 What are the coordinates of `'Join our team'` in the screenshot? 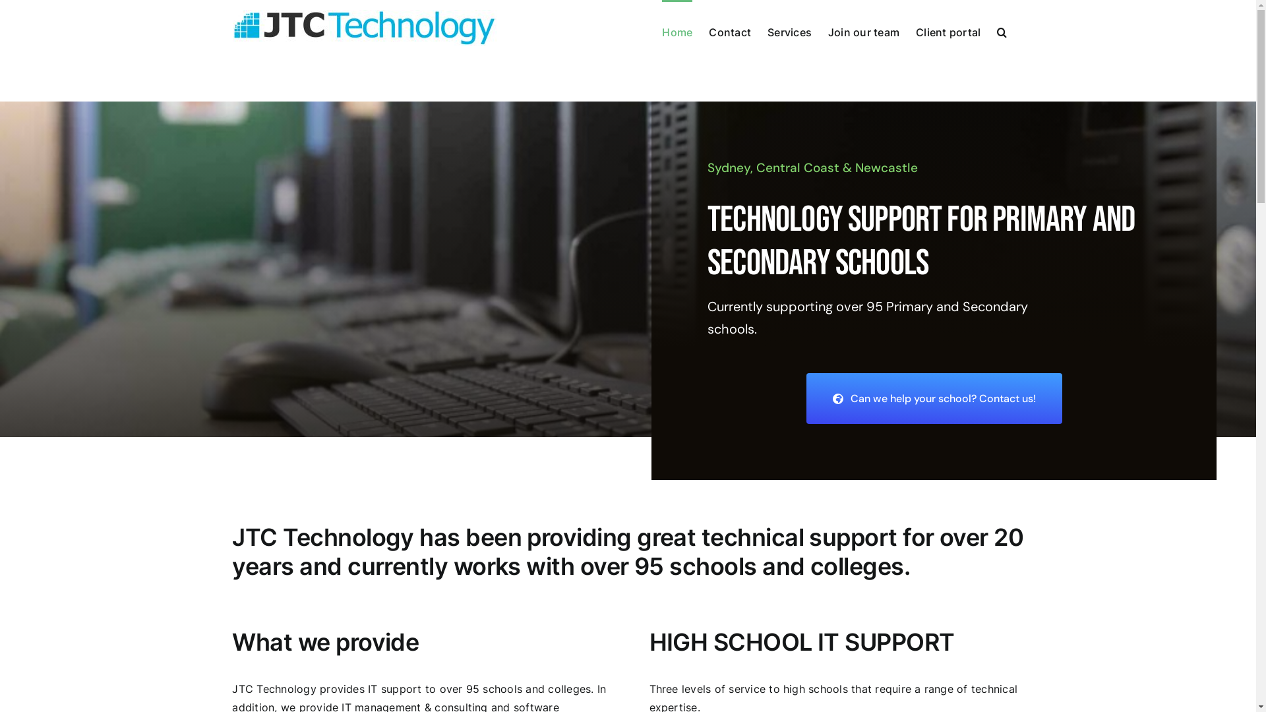 It's located at (864, 30).